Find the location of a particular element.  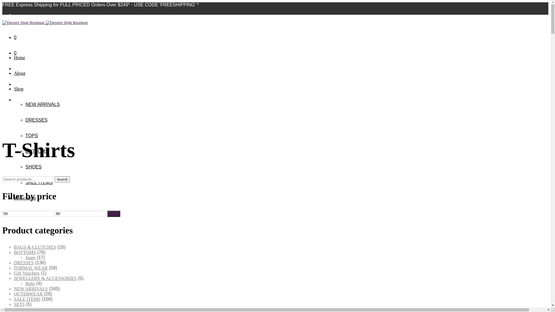

'Gift Vouchers' is located at coordinates (26, 273).